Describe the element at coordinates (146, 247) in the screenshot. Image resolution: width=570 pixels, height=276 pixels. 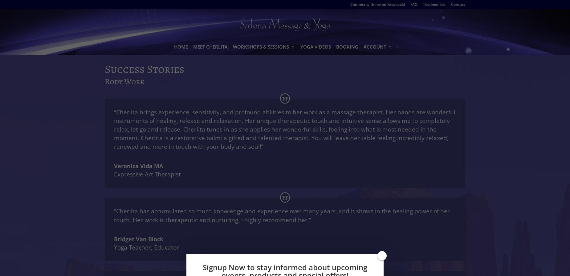
I see `'Yoga Teacher, Educator'` at that location.